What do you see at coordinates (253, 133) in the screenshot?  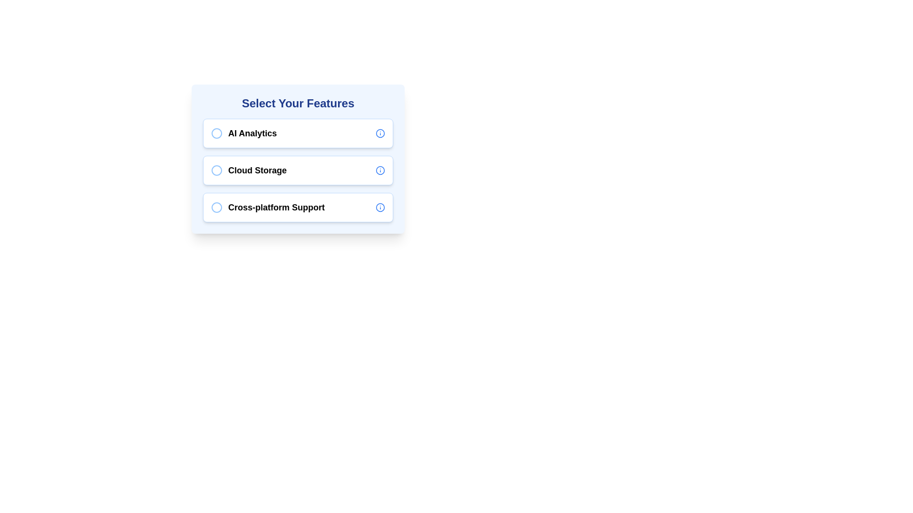 I see `the text label that identifies the feature related to 'AI Analytics', which is positioned to the right of a circular radio button and is the first option in the list under 'Select Your Features.'` at bounding box center [253, 133].